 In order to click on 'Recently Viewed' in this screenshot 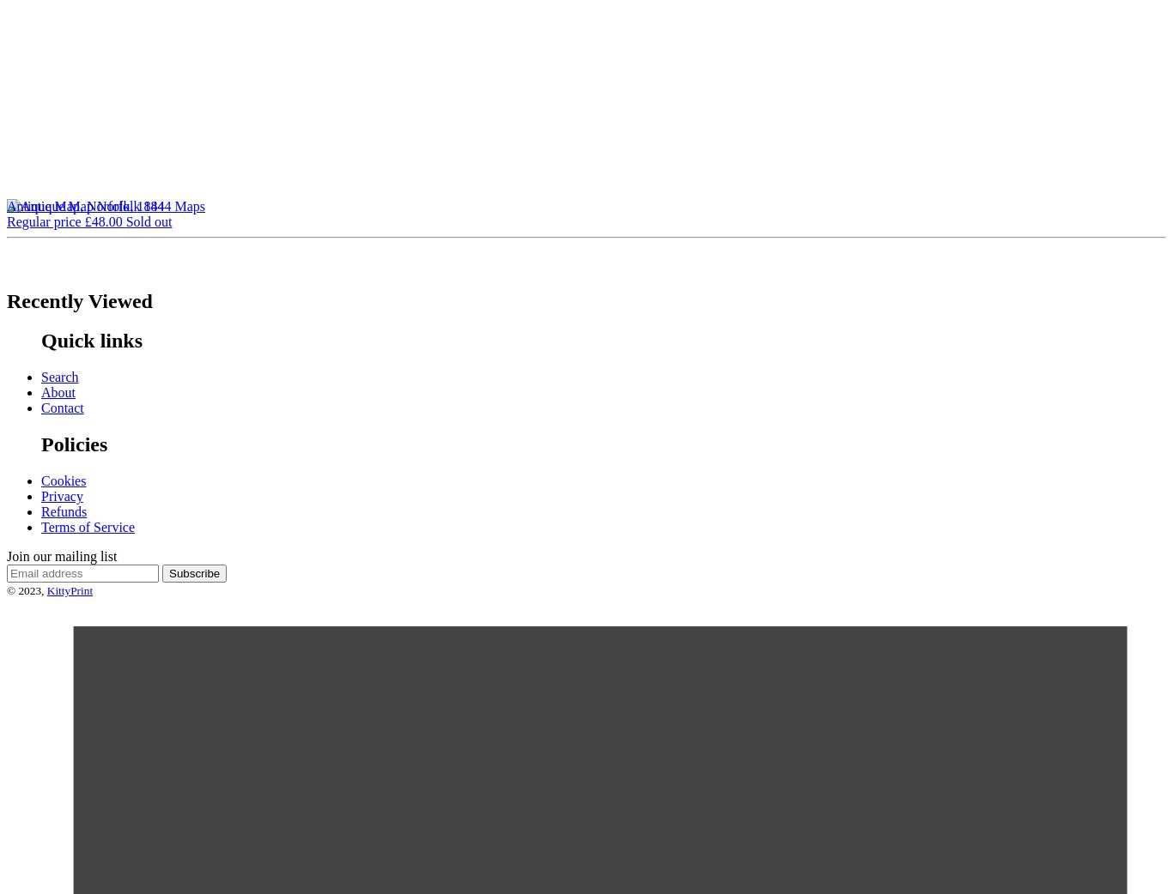, I will do `click(79, 299)`.